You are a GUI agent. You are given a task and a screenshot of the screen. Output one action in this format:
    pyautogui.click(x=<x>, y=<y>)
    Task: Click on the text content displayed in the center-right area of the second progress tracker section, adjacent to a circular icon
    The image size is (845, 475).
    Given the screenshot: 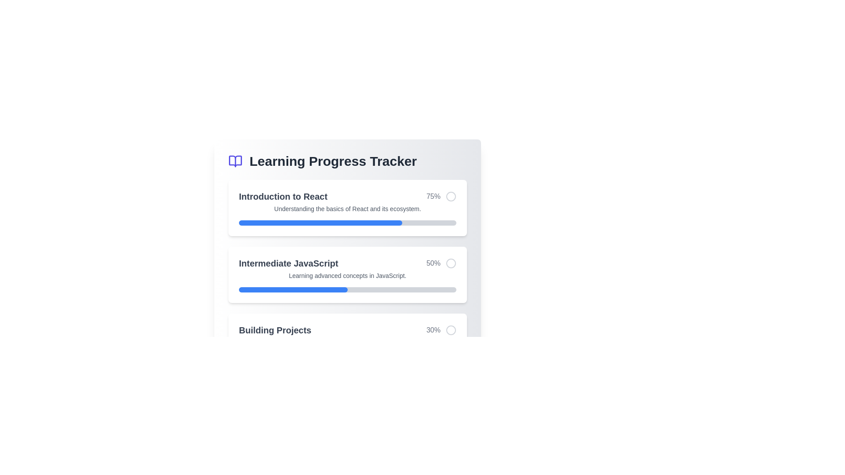 What is the action you would take?
    pyautogui.click(x=433, y=263)
    